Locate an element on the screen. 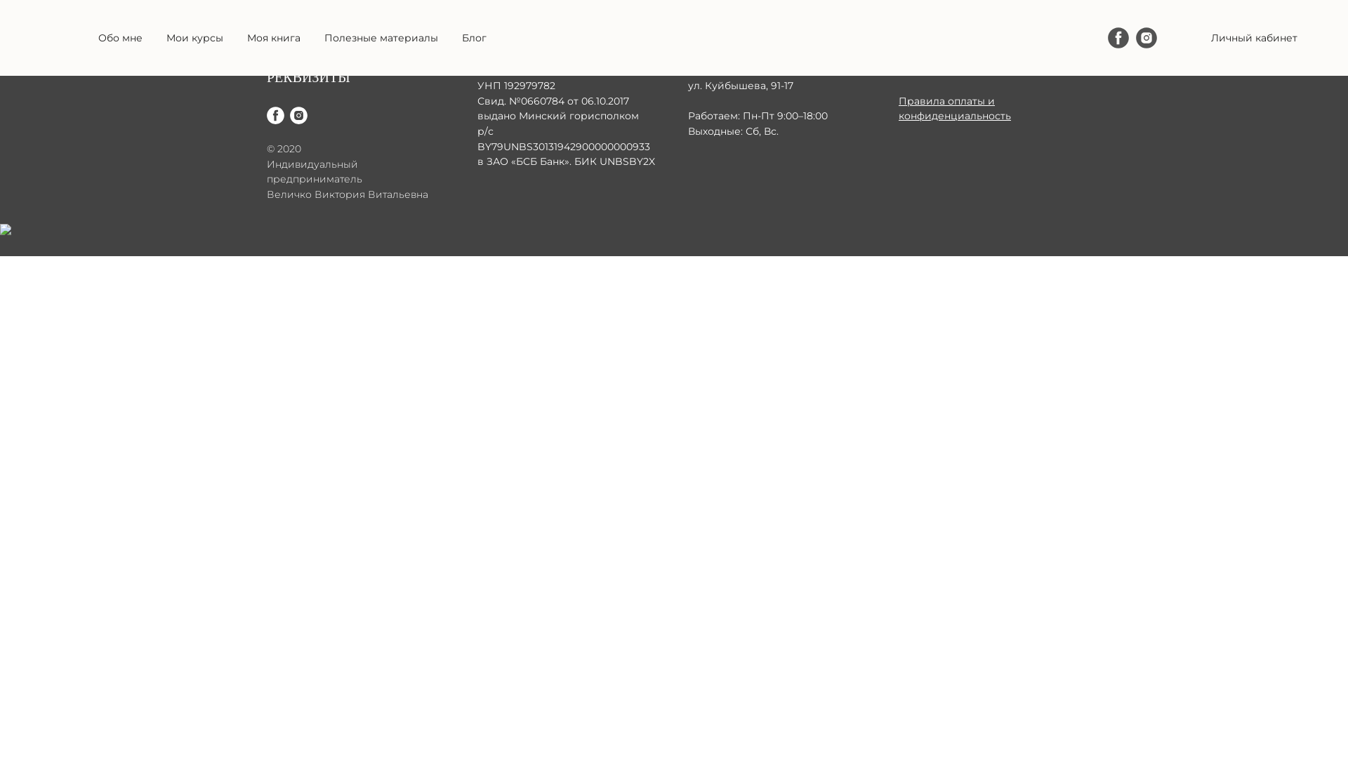  'Facebook' is located at coordinates (1129, 34).